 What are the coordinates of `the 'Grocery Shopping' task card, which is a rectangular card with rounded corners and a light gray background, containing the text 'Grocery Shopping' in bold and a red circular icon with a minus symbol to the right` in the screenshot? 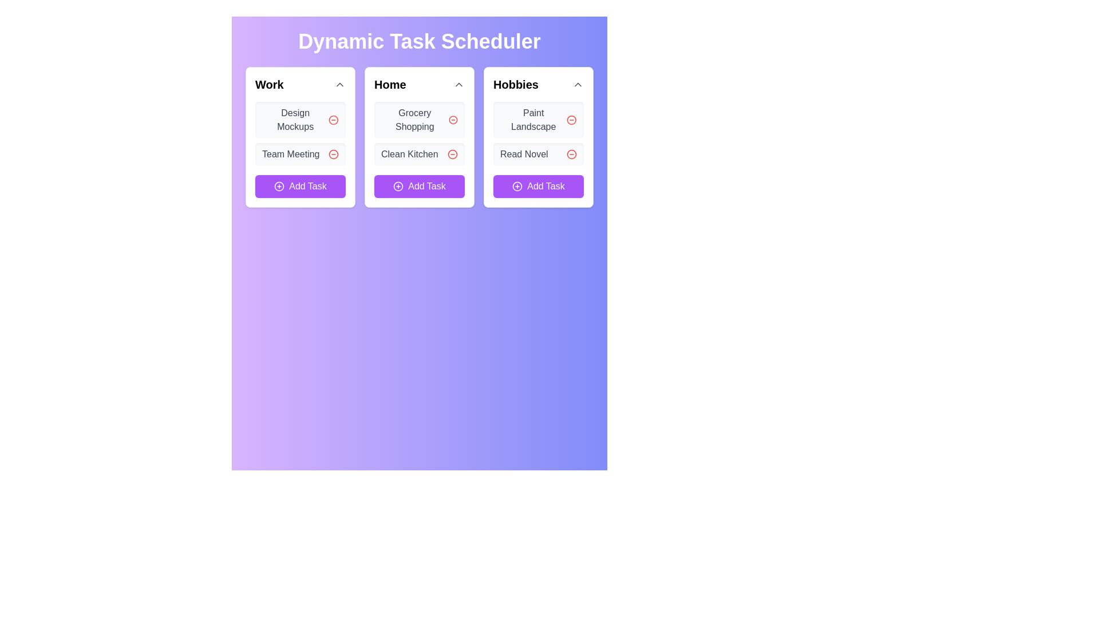 It's located at (419, 120).